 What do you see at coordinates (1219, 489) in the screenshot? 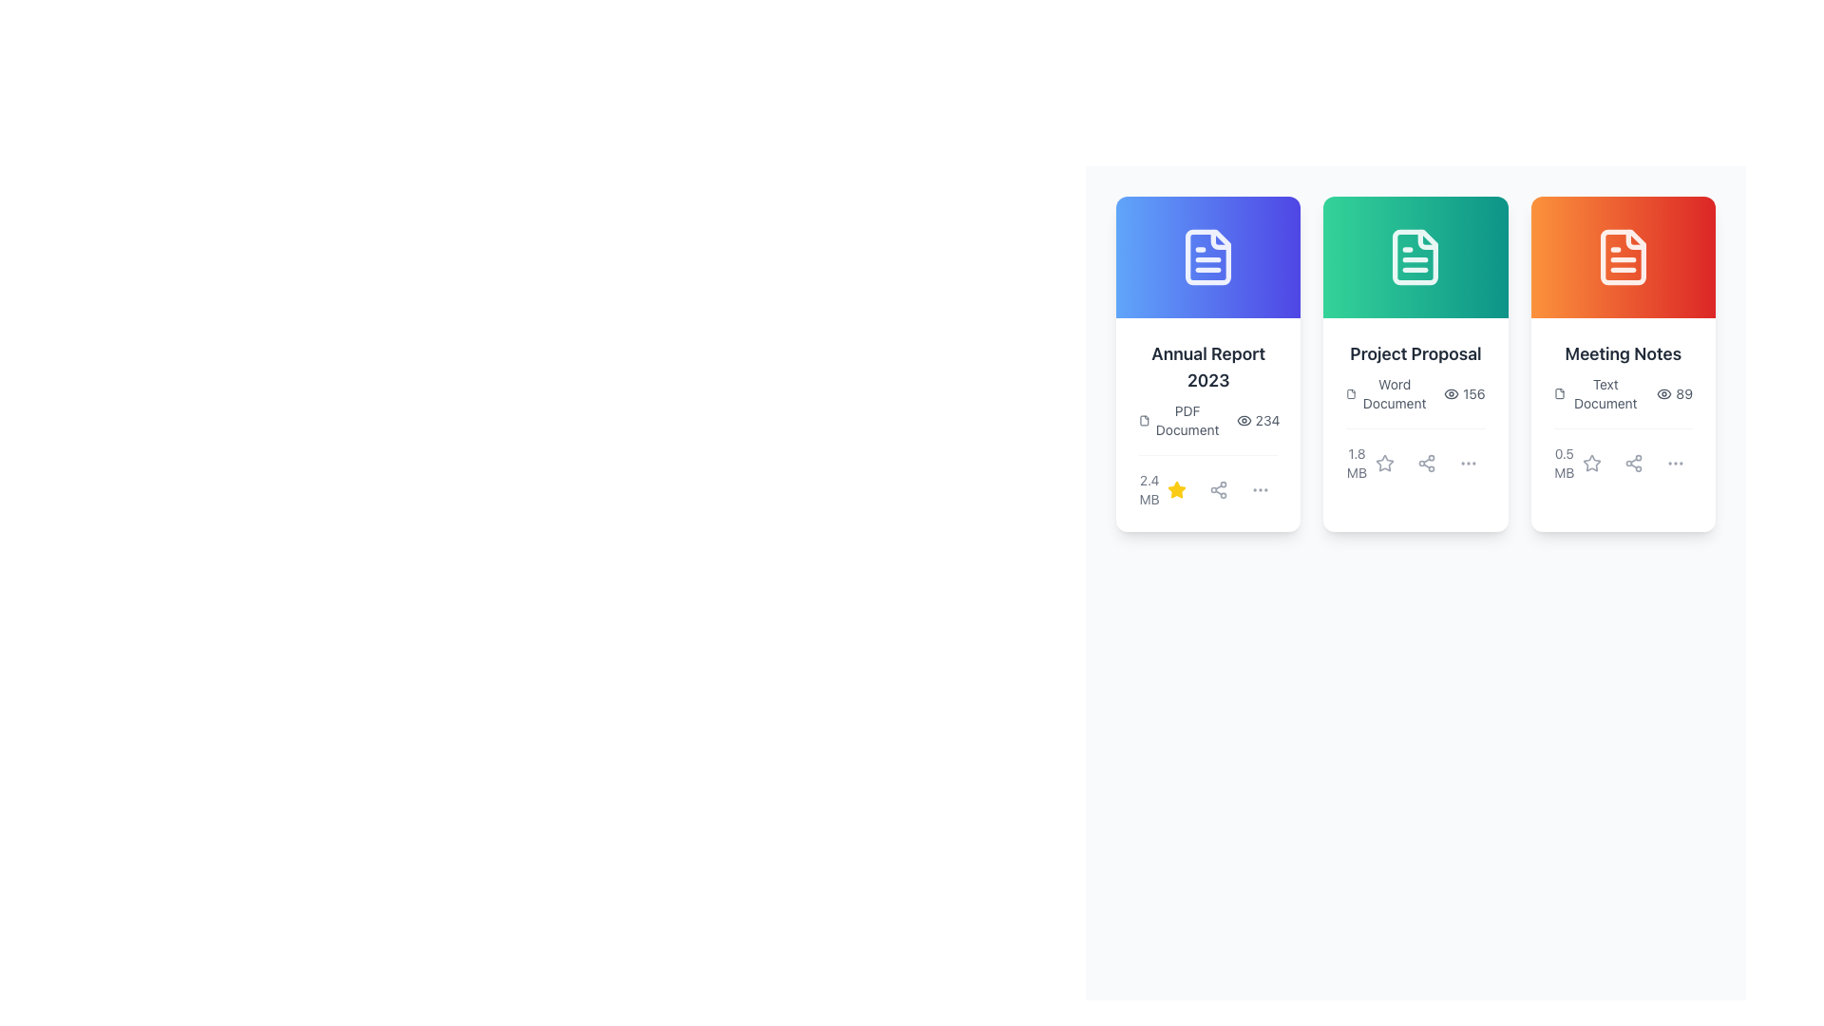
I see `the gray circular 'share' icon, which is the second icon from the left in a group of three, located below the '2.4 MB' label in the 'Annual Report 2023' card` at bounding box center [1219, 489].